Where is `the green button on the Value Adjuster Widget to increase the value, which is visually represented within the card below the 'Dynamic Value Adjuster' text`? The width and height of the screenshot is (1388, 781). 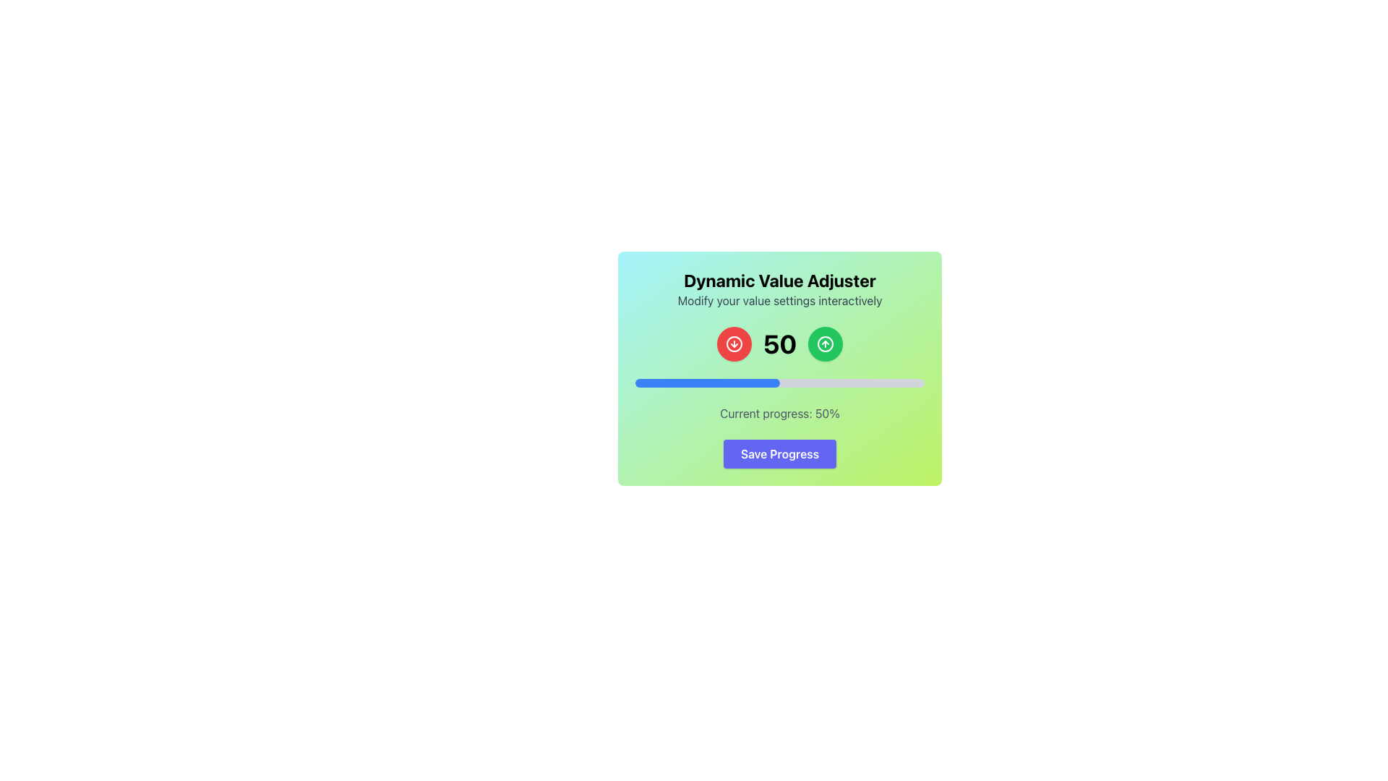
the green button on the Value Adjuster Widget to increase the value, which is visually represented within the card below the 'Dynamic Value Adjuster' text is located at coordinates (779, 373).